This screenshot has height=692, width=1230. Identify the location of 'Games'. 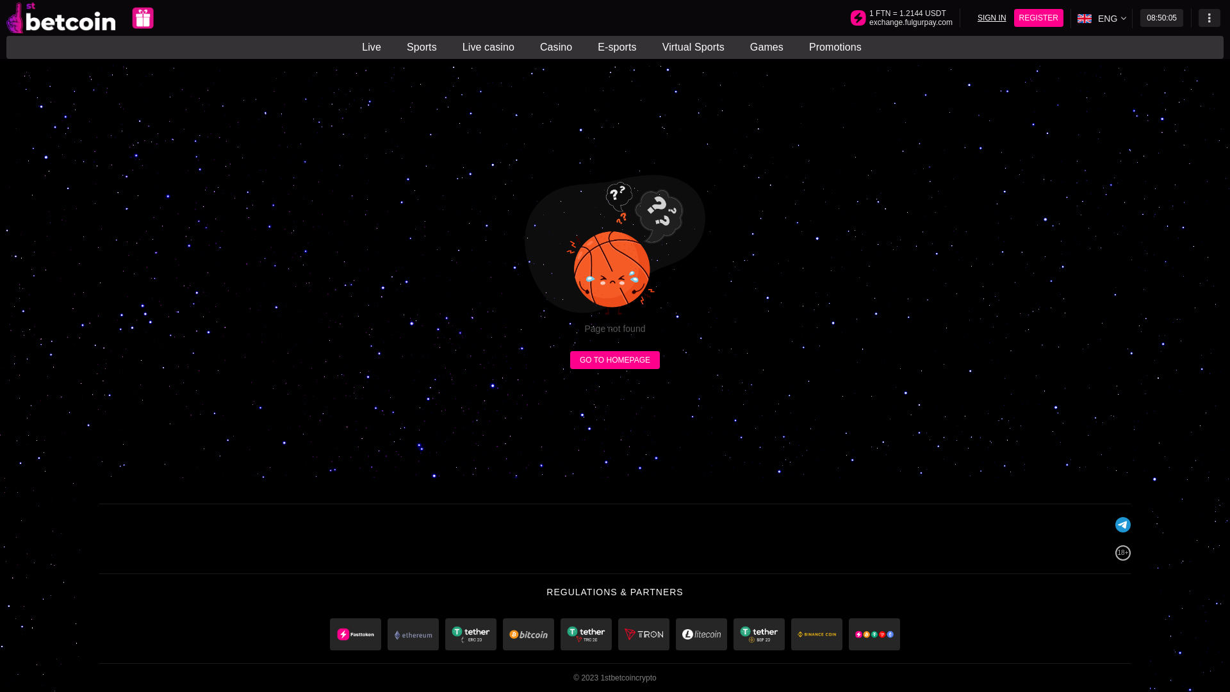
(766, 46).